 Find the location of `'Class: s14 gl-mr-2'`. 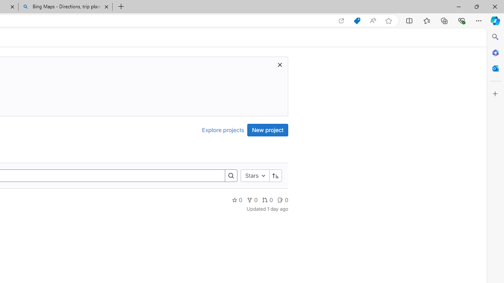

'Class: s14 gl-mr-2' is located at coordinates (280, 199).